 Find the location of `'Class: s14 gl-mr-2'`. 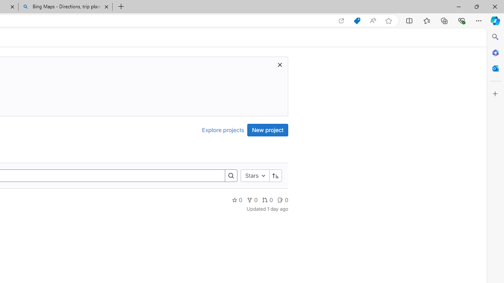

'Class: s14 gl-mr-2' is located at coordinates (280, 199).